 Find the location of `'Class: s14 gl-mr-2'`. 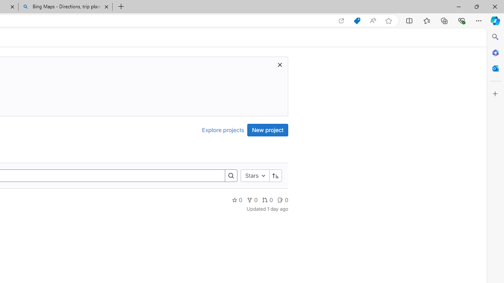

'Class: s14 gl-mr-2' is located at coordinates (280, 199).